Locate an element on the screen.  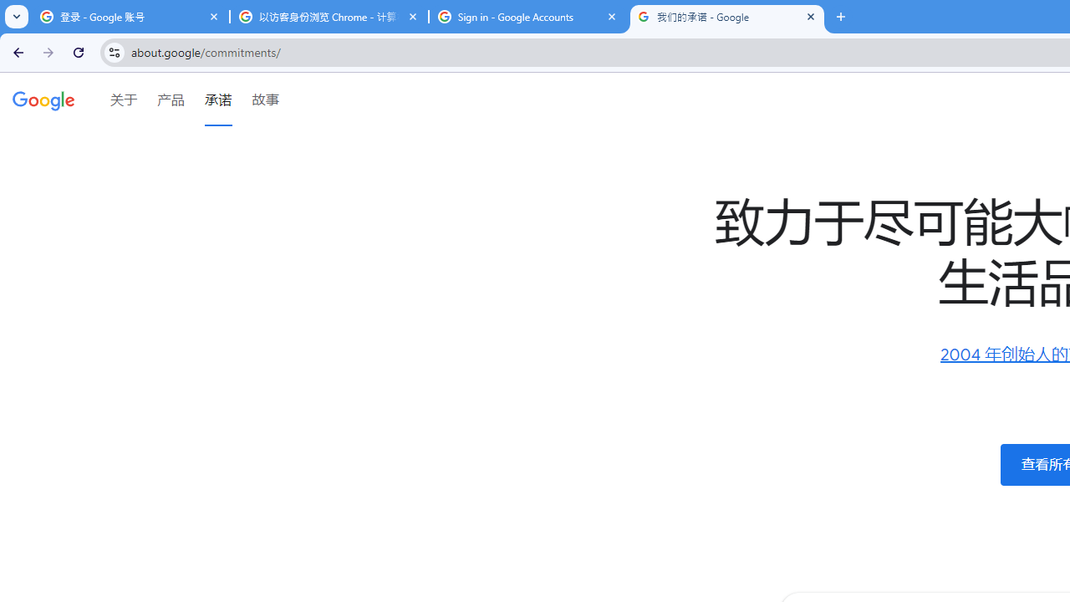
'Sign in - Google Accounts' is located at coordinates (527, 17).